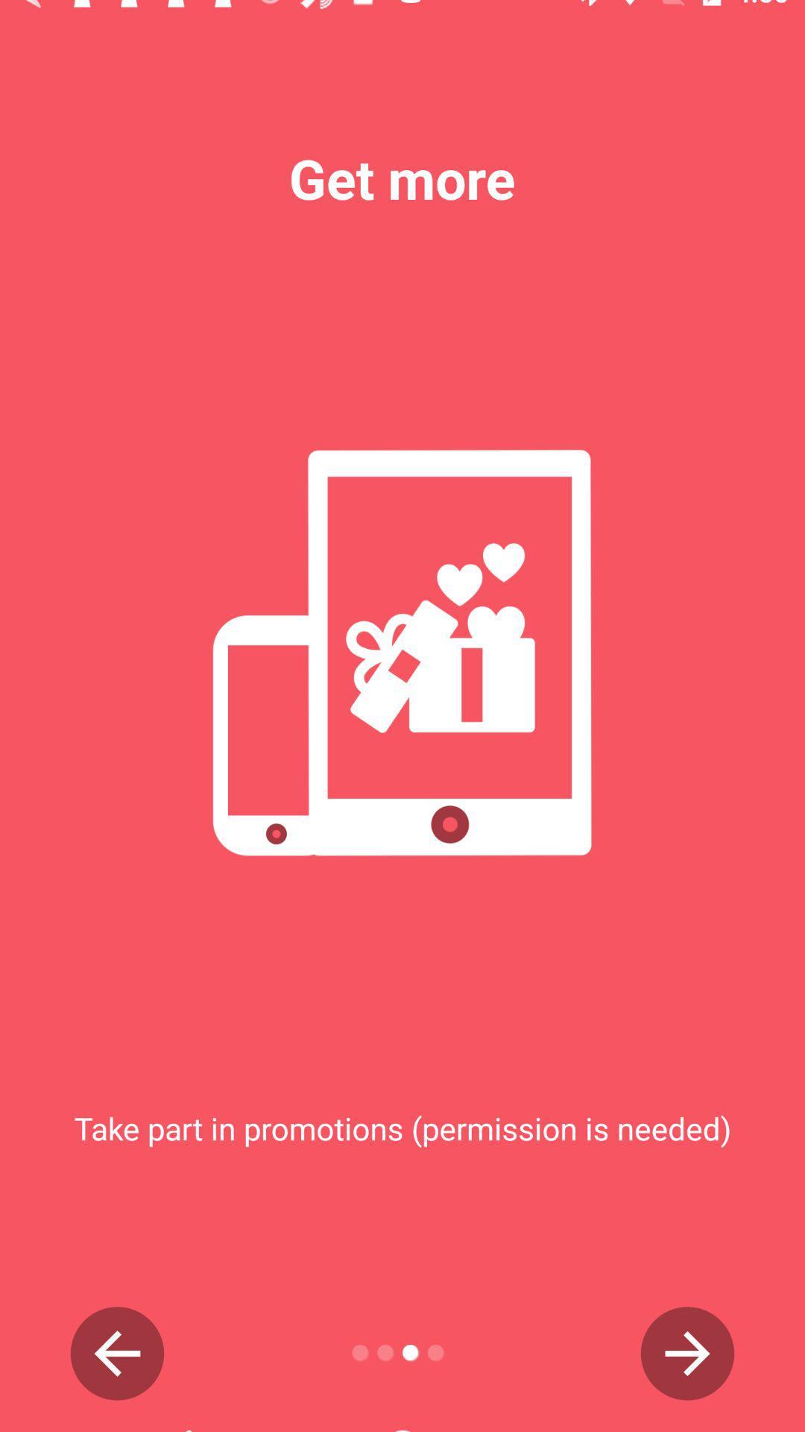 Image resolution: width=805 pixels, height=1432 pixels. Describe the element at coordinates (687, 1353) in the screenshot. I see `the arrow_forward icon` at that location.